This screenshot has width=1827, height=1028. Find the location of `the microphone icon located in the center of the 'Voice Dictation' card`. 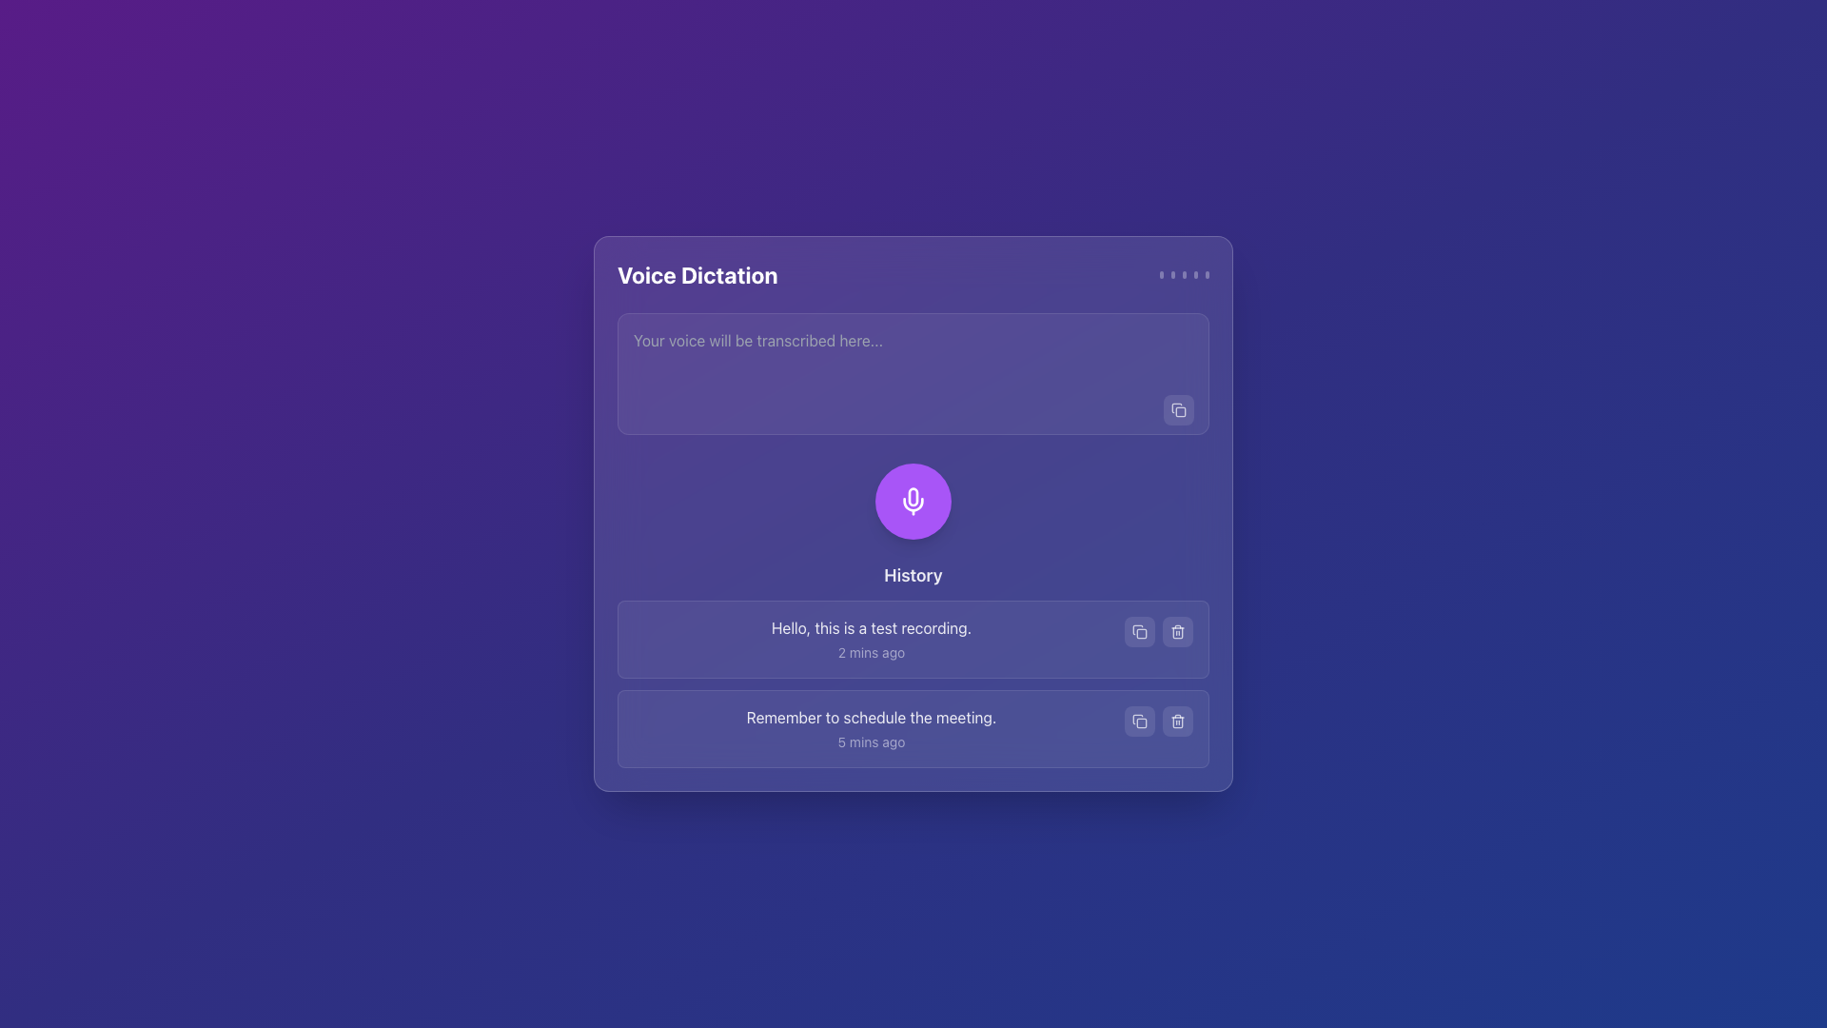

the microphone icon located in the center of the 'Voice Dictation' card is located at coordinates (913, 501).